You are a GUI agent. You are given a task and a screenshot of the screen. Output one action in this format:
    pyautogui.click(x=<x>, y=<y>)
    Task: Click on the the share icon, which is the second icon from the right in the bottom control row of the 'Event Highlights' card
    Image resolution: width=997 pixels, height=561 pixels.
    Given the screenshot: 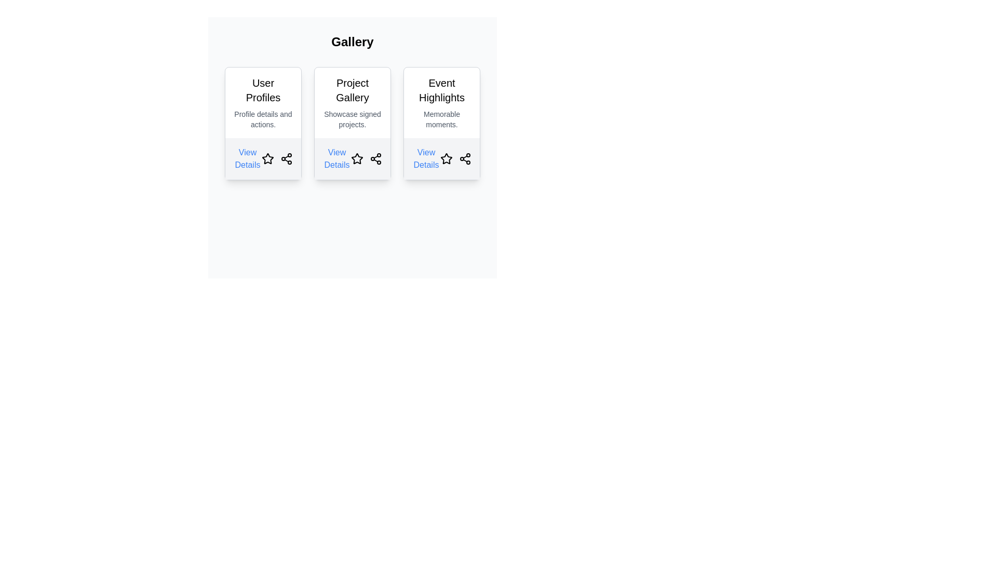 What is the action you would take?
    pyautogui.click(x=465, y=158)
    